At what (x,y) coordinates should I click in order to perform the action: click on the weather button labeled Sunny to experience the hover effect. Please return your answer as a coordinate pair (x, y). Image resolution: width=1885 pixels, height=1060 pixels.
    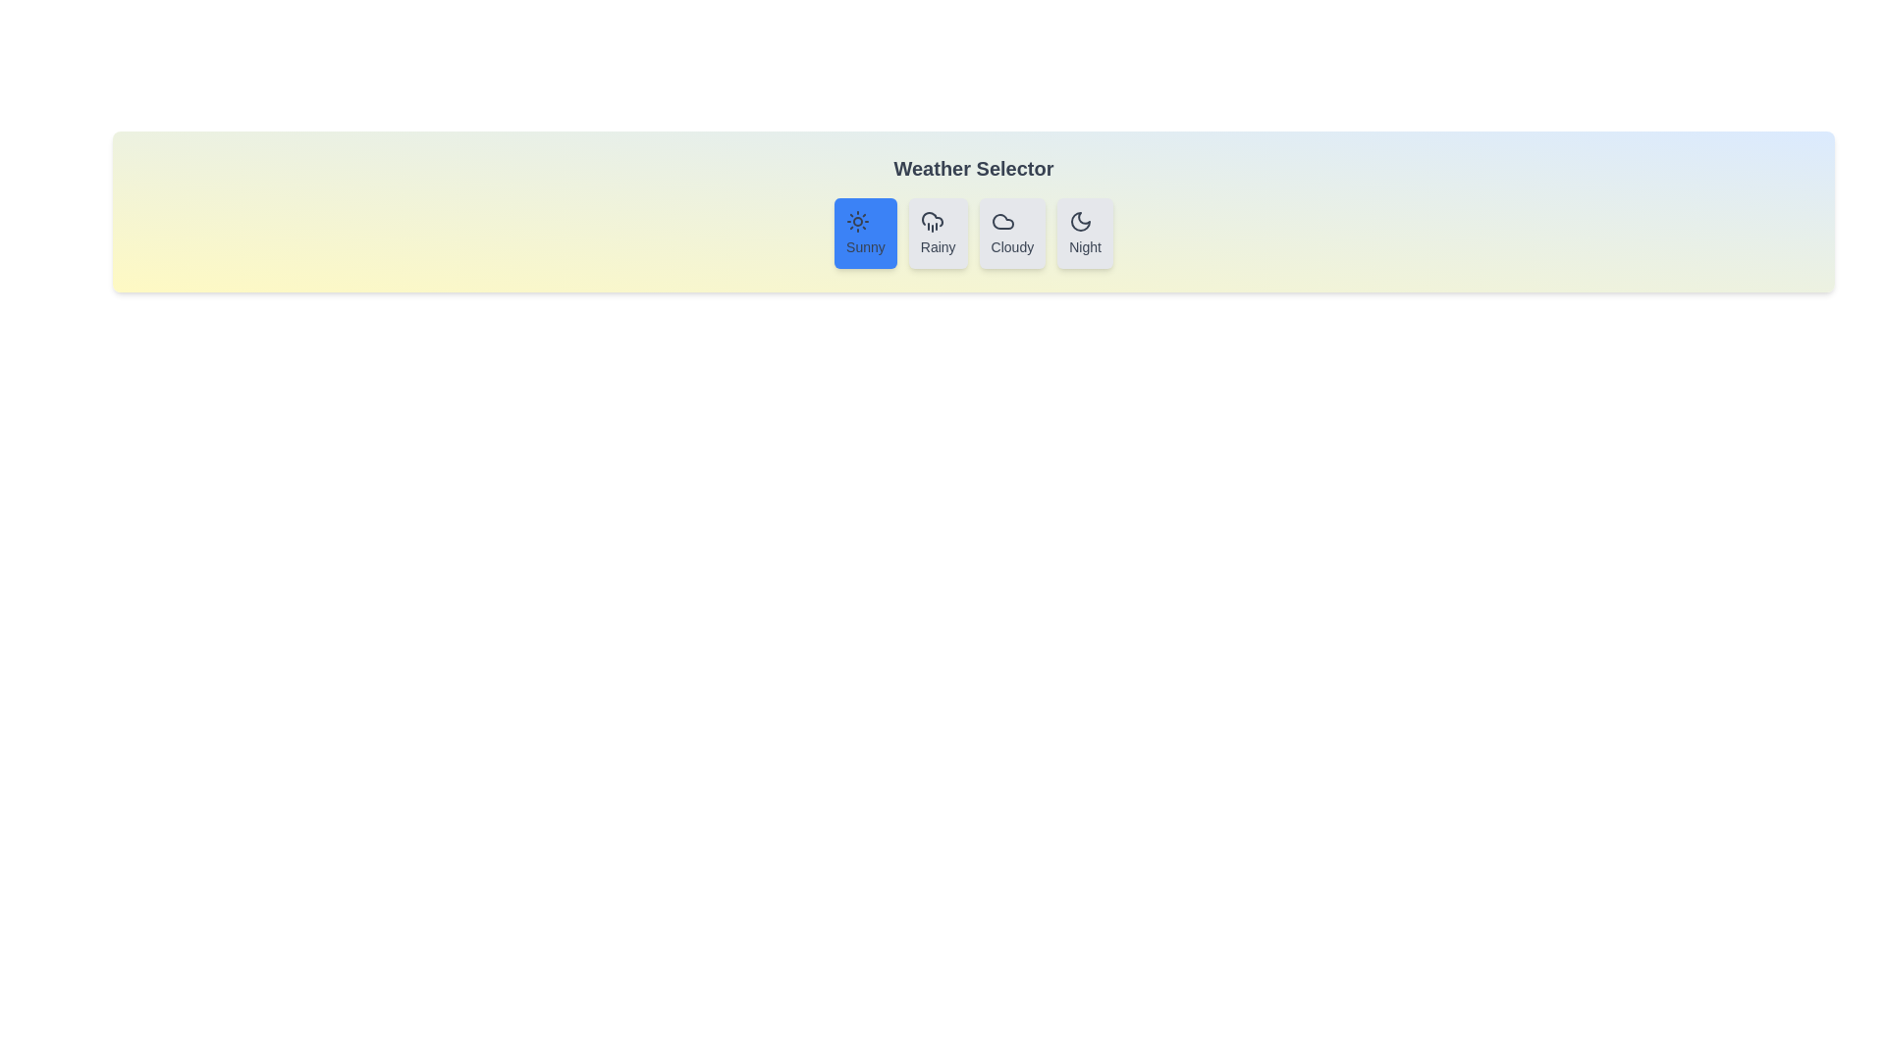
    Looking at the image, I should click on (865, 233).